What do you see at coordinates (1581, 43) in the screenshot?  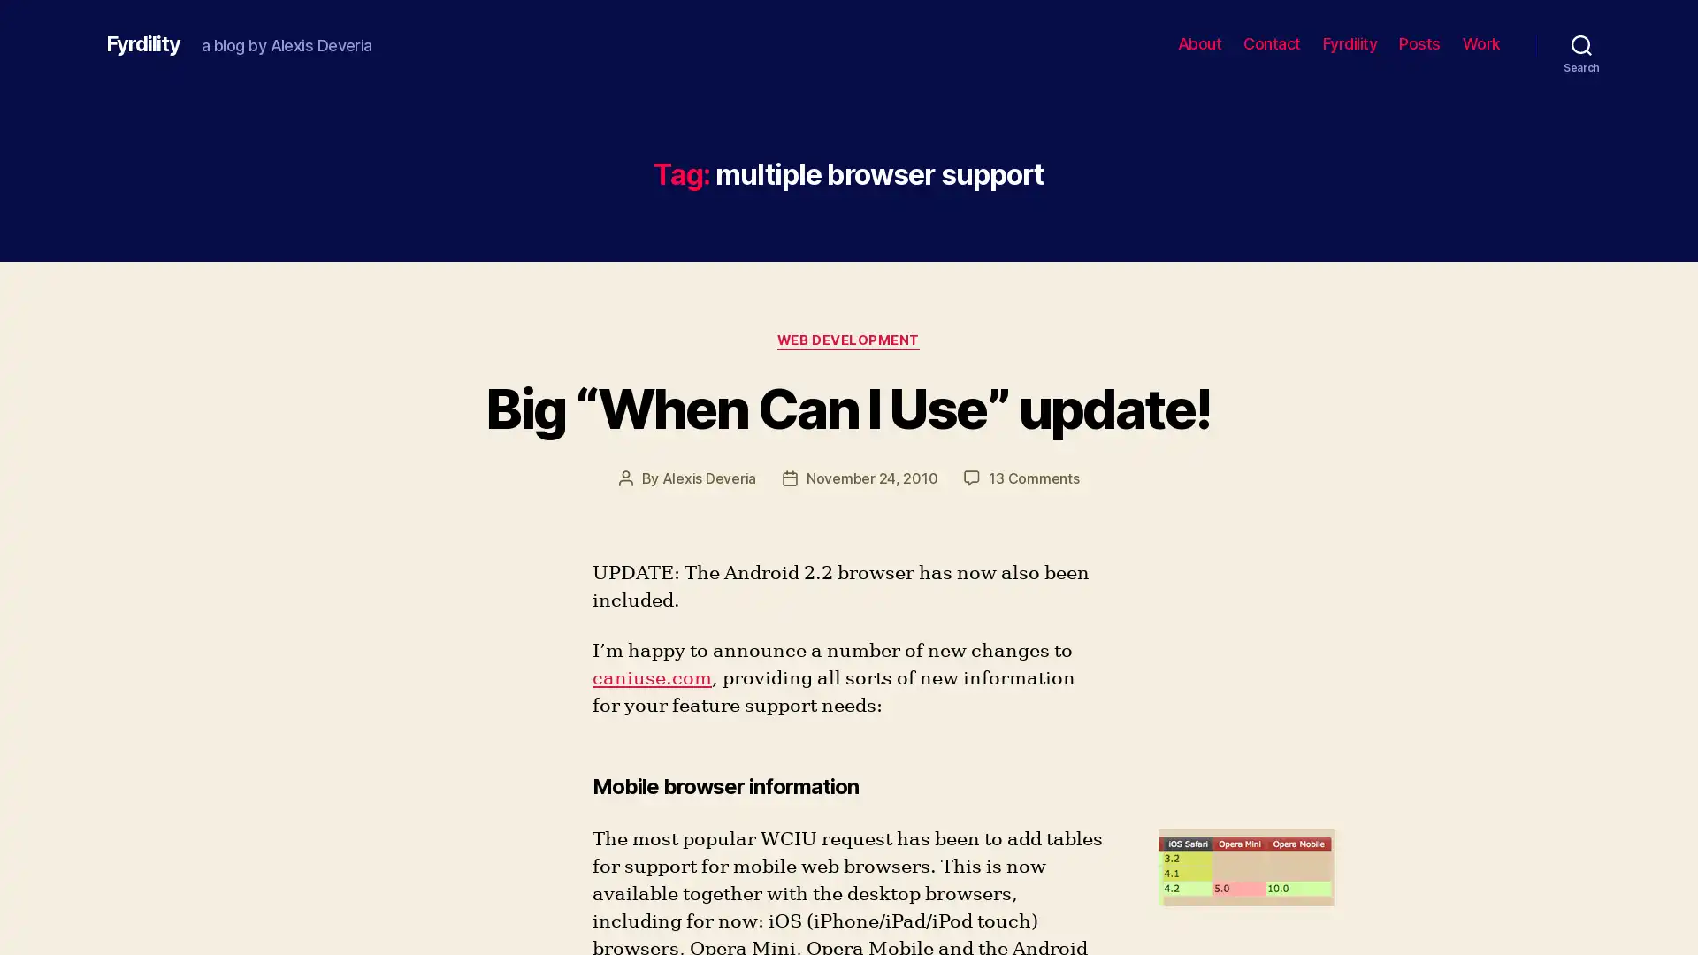 I see `Search` at bounding box center [1581, 43].